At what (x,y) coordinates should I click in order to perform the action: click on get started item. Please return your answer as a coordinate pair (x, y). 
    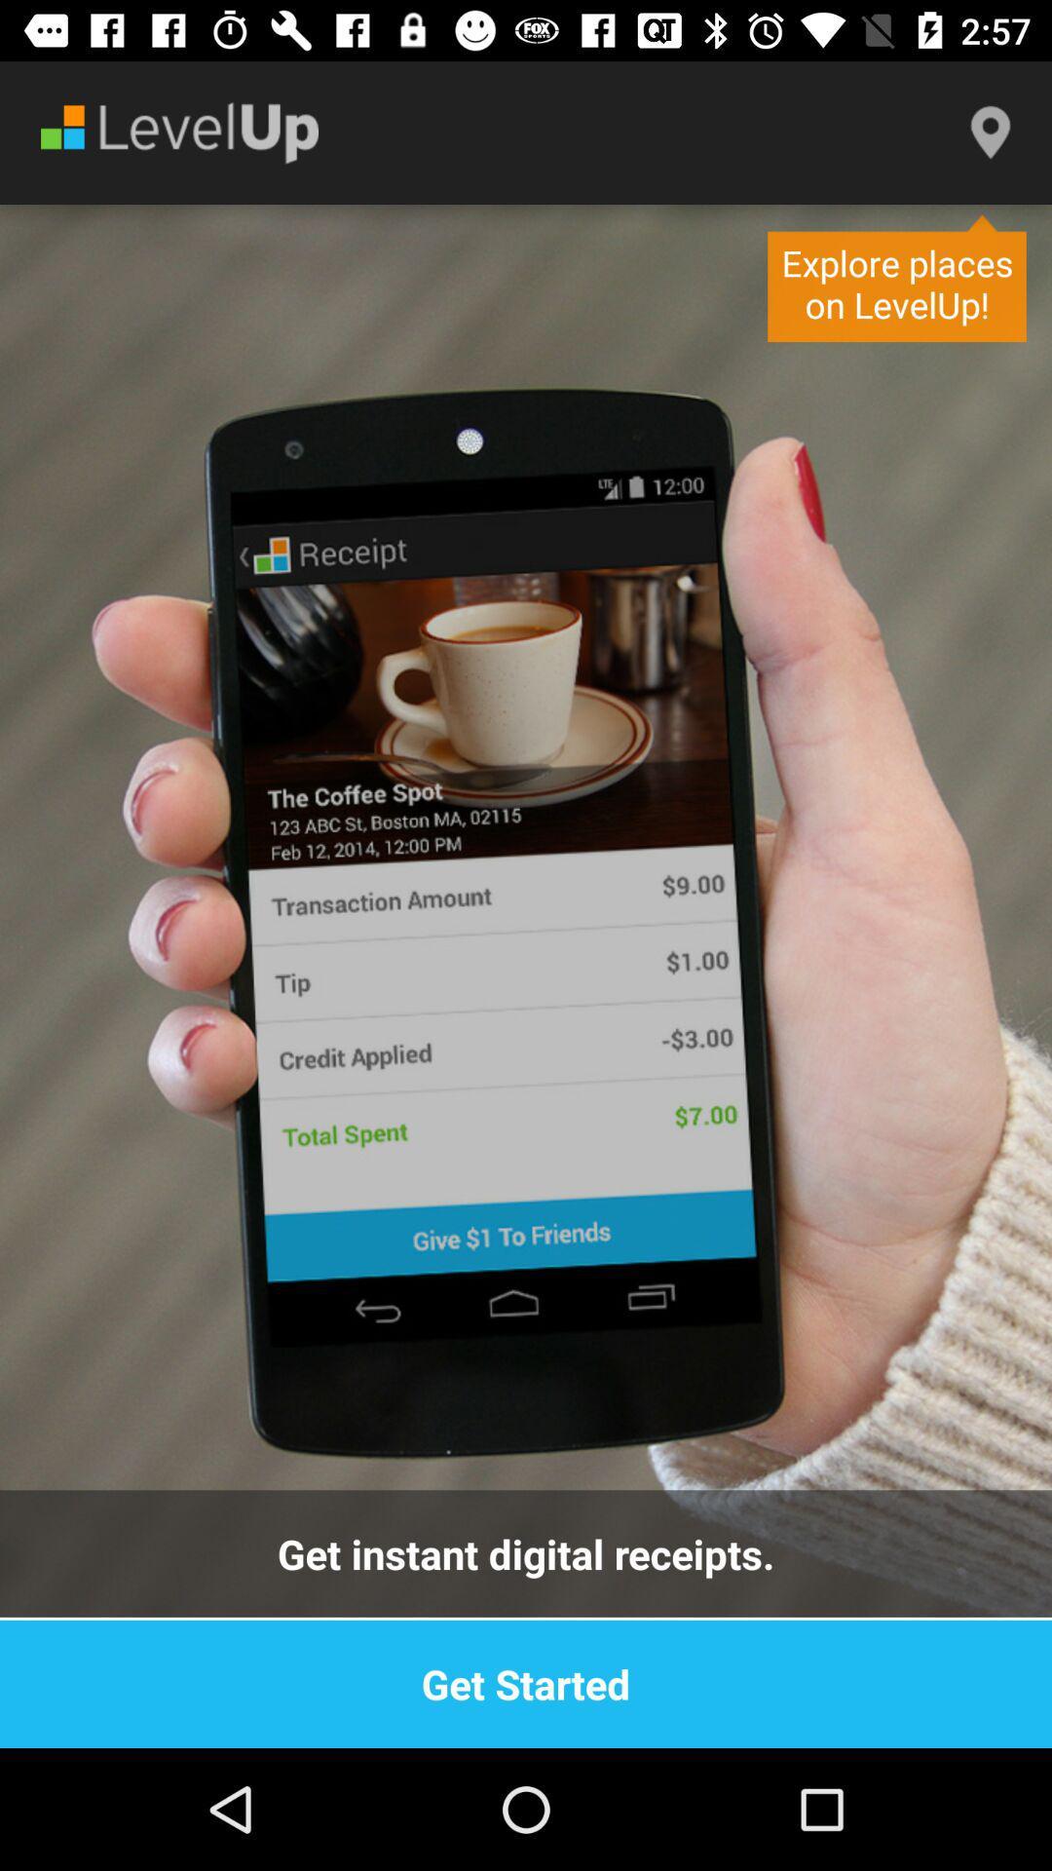
    Looking at the image, I should click on (526, 1683).